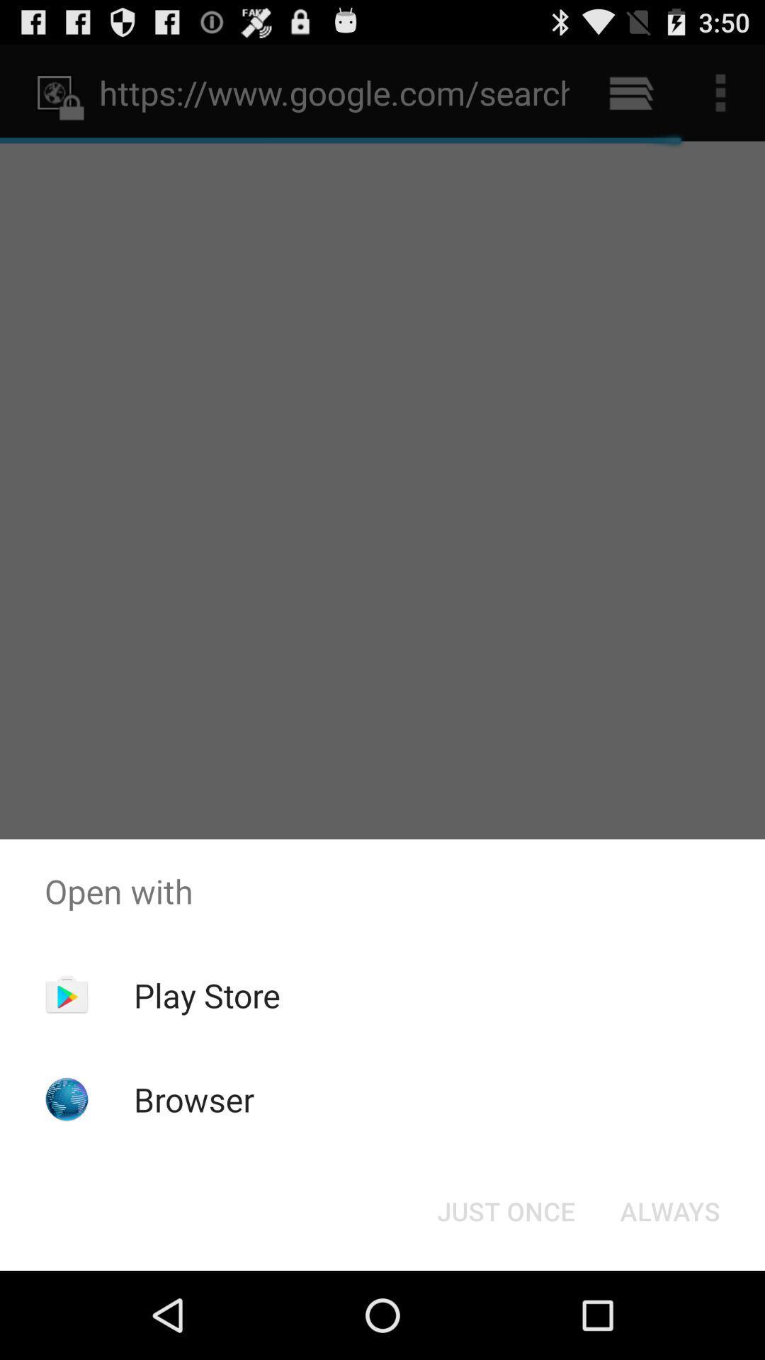 The image size is (765, 1360). I want to click on the just once icon, so click(505, 1210).